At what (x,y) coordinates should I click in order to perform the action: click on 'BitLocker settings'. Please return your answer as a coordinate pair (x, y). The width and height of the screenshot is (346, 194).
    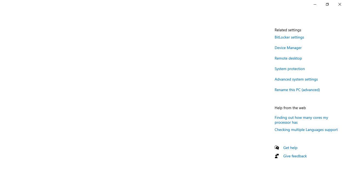
    Looking at the image, I should click on (289, 37).